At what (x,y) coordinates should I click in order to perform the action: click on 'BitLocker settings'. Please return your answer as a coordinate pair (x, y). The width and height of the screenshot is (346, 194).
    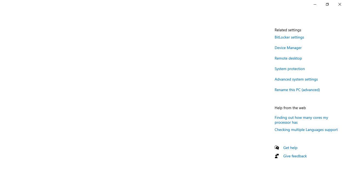
    Looking at the image, I should click on (289, 37).